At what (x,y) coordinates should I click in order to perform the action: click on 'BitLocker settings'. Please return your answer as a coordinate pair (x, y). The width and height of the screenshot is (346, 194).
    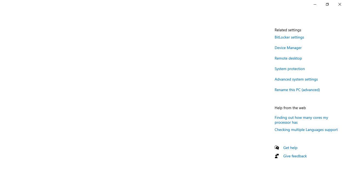
    Looking at the image, I should click on (289, 37).